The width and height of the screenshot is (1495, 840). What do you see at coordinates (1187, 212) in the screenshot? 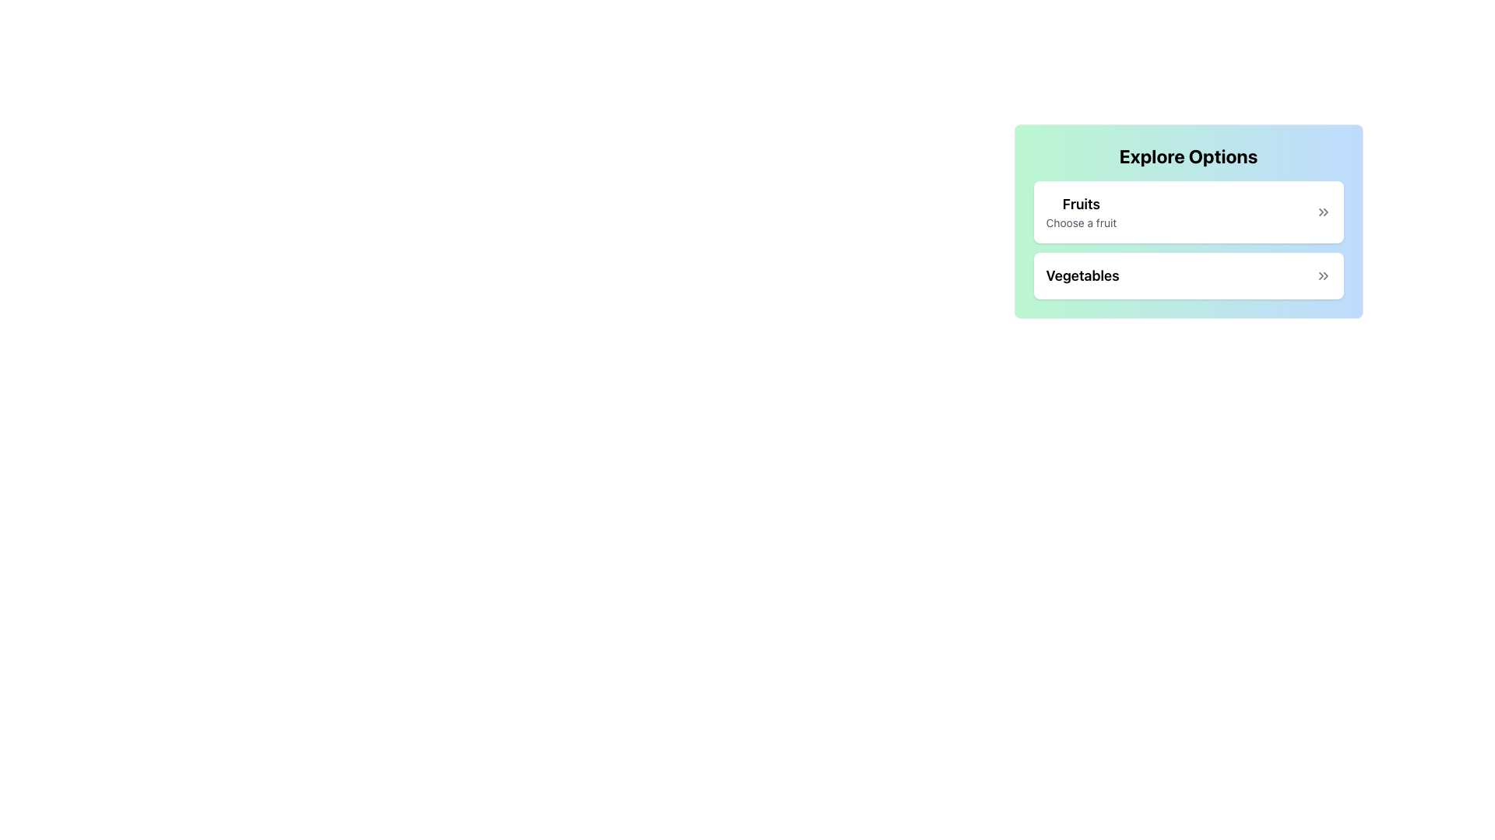
I see `the first card labeled 'Fruits' in the options list` at bounding box center [1187, 212].